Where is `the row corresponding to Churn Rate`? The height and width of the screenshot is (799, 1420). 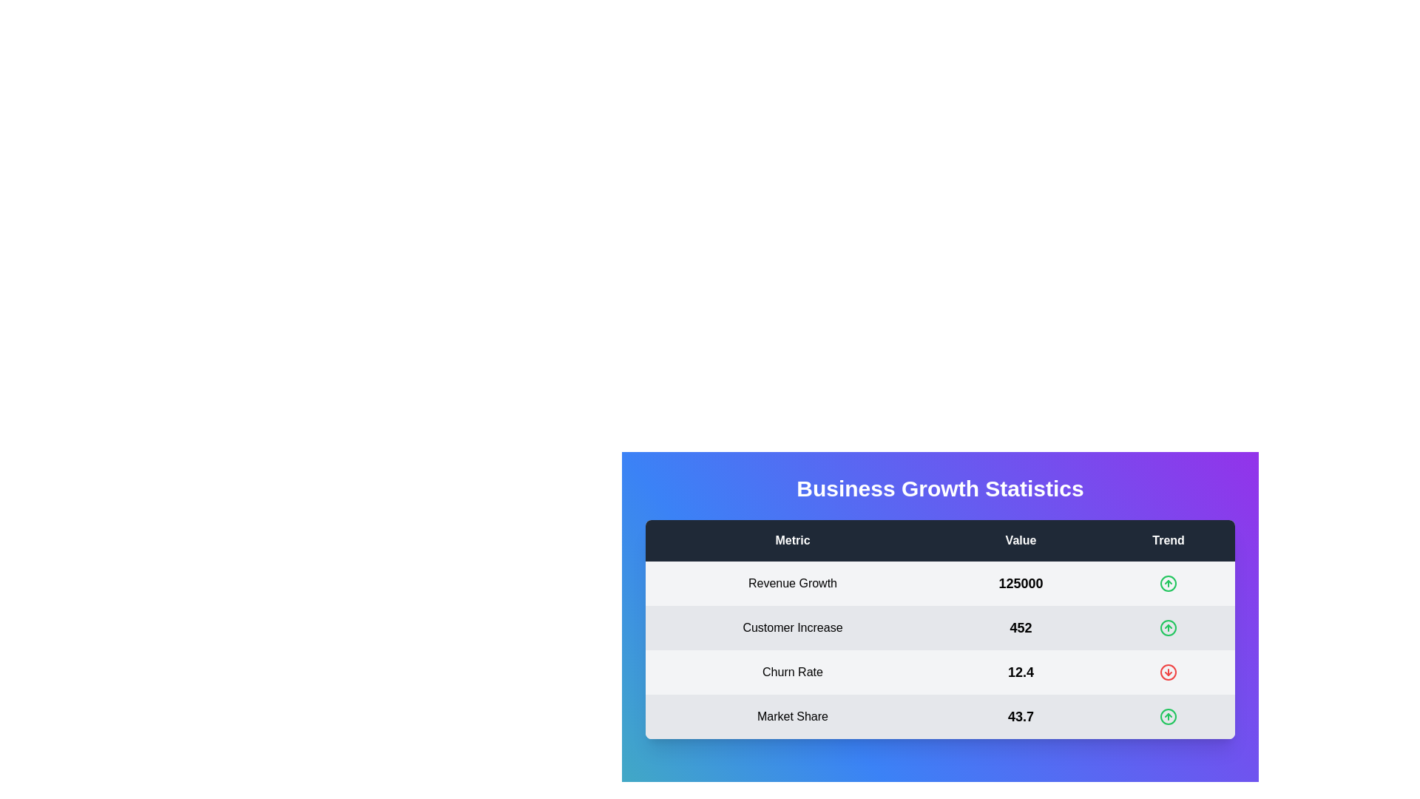 the row corresponding to Churn Rate is located at coordinates (939, 672).